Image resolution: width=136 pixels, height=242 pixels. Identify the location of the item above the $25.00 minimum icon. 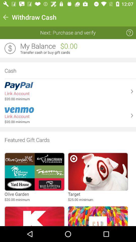
(74, 194).